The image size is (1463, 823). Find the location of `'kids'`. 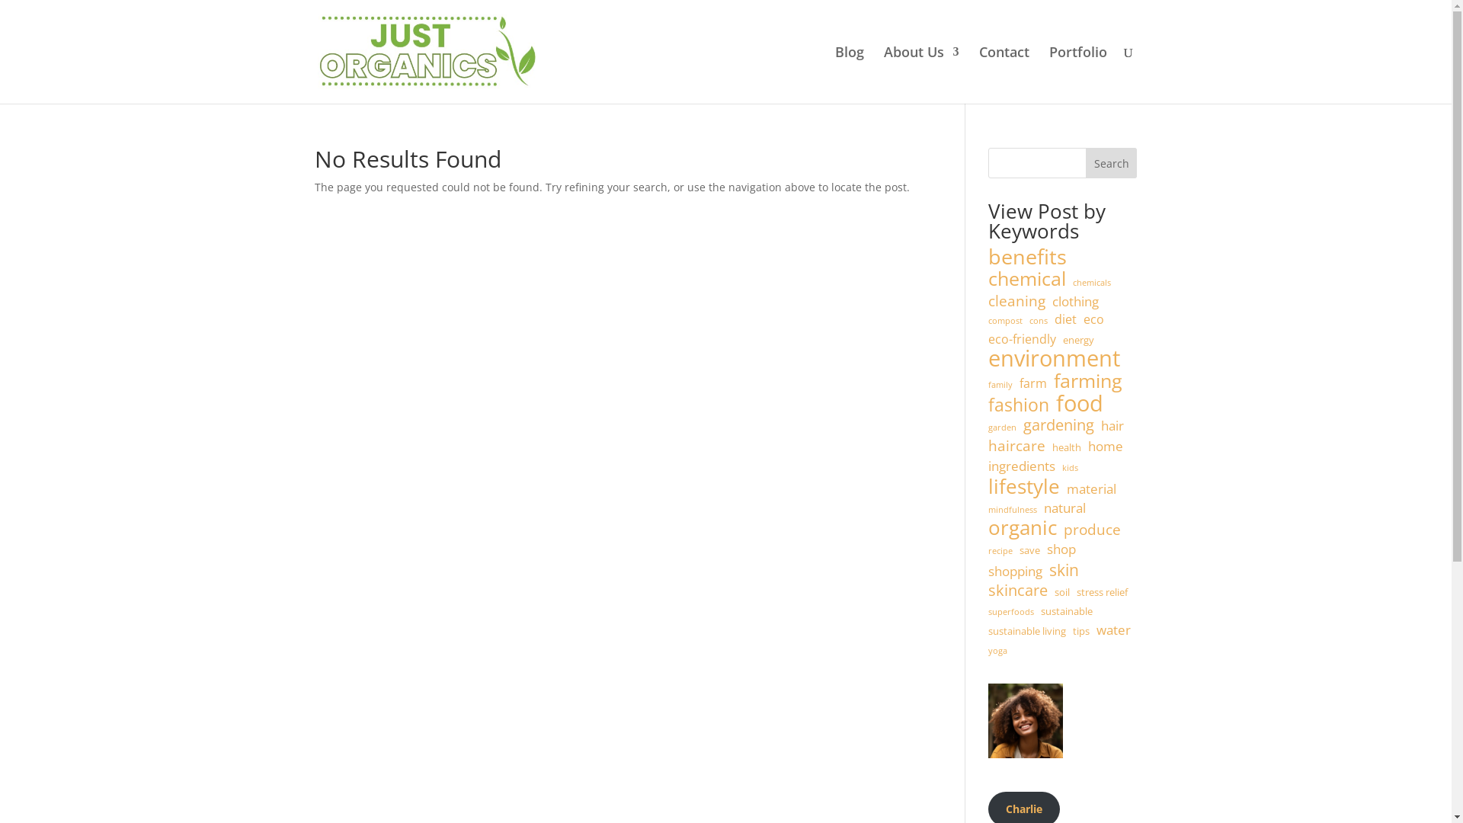

'kids' is located at coordinates (1069, 467).